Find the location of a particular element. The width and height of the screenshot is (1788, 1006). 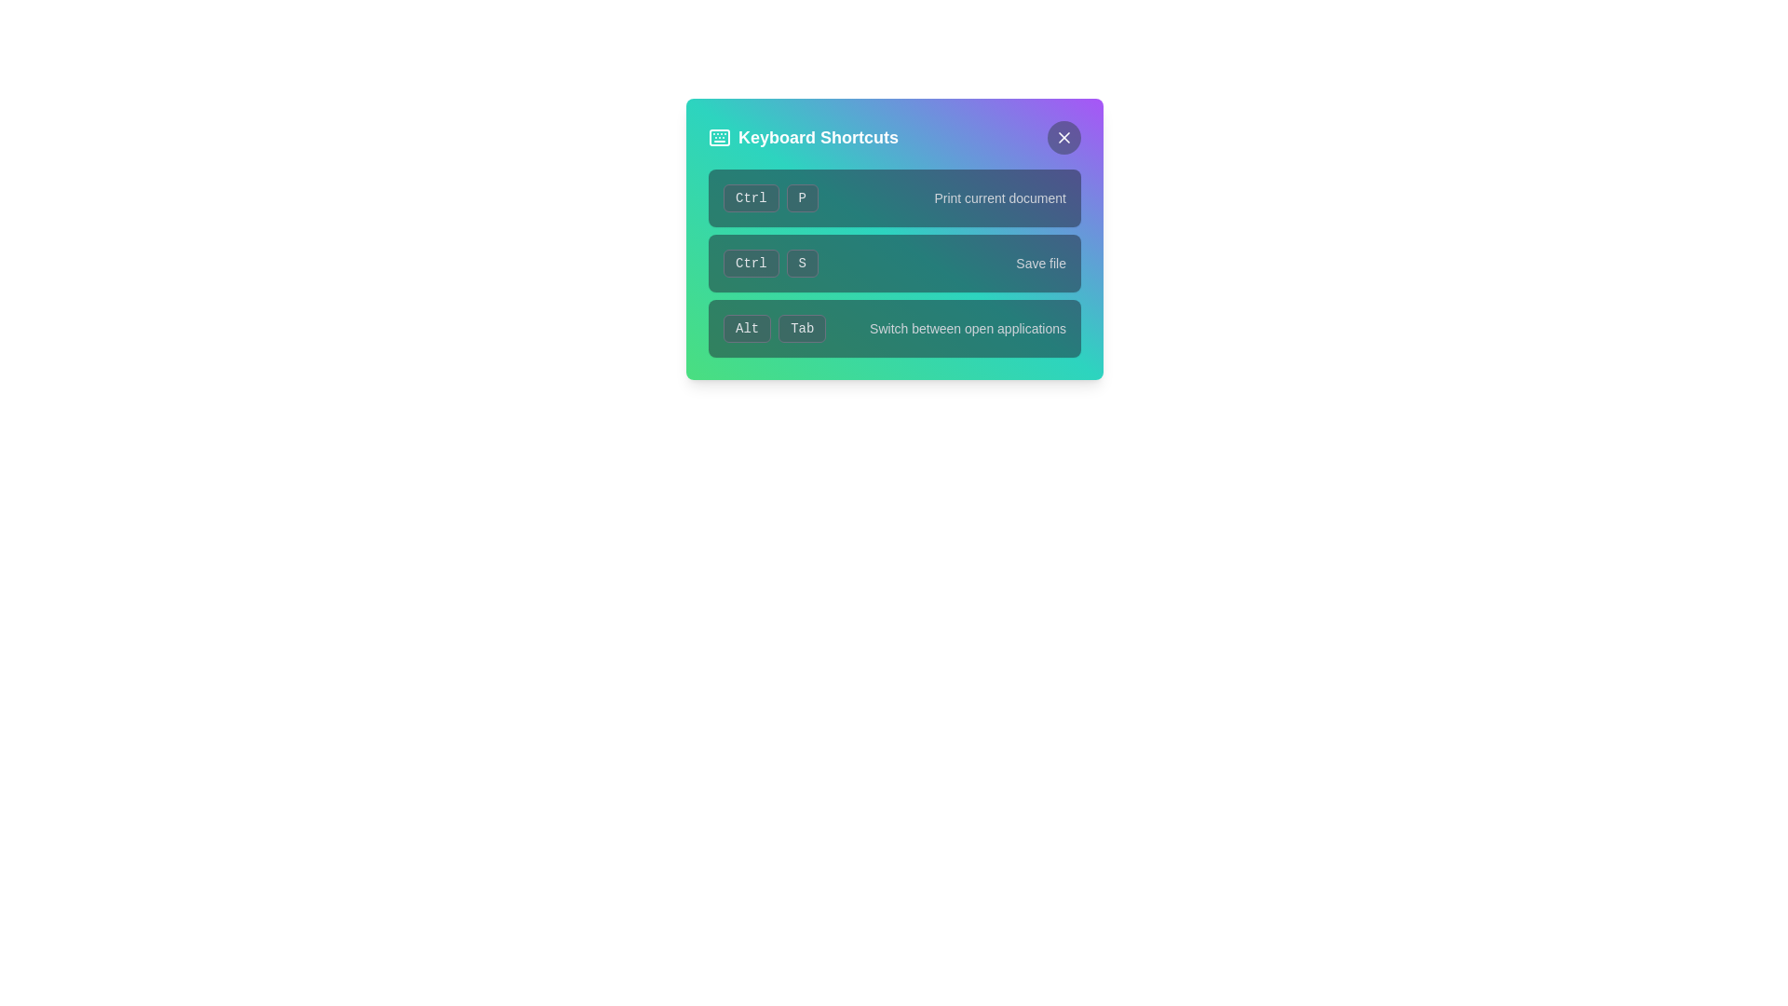

the informational label that displays the text 'Print current document', which is styled with a small font size and light gray color, located to the right of 'Ctrl' and 'P' in the Keyboard Shortcuts panel is located at coordinates (999, 197).